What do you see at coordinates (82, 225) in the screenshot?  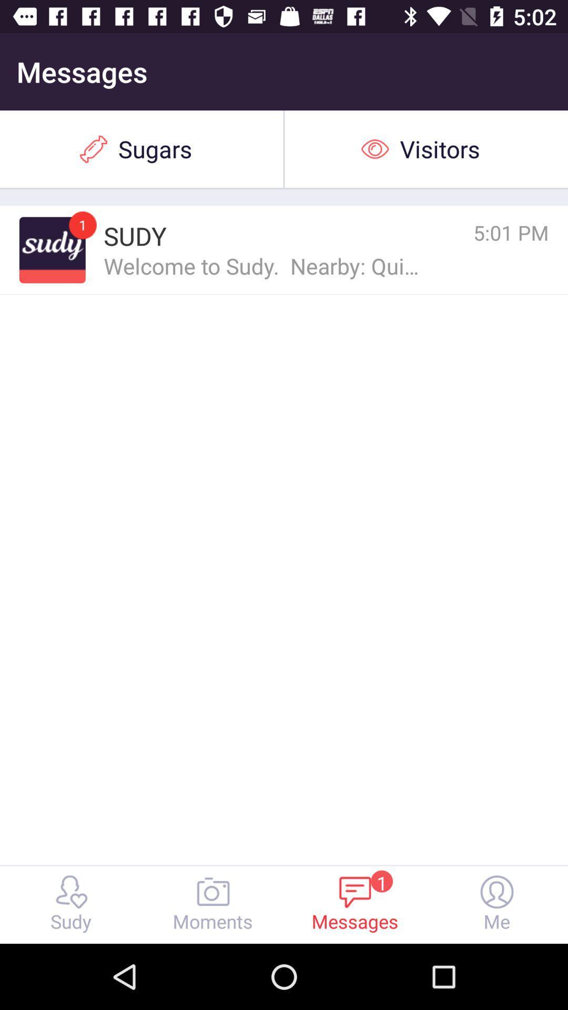 I see `icon next to the sudy` at bounding box center [82, 225].